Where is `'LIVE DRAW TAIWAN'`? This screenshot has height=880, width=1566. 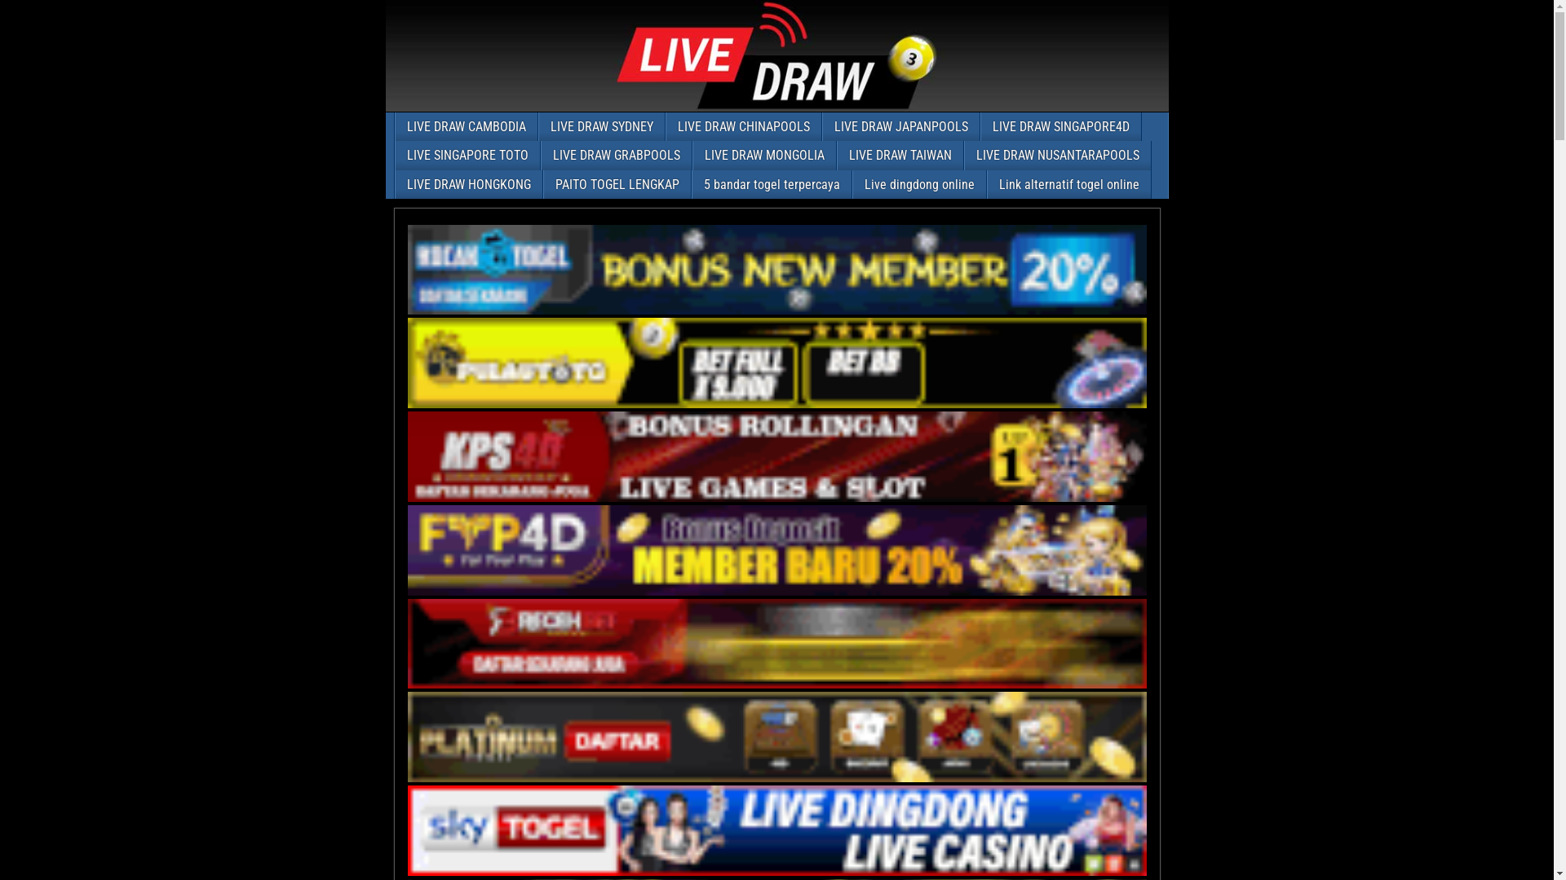 'LIVE DRAW TAIWAN' is located at coordinates (899, 155).